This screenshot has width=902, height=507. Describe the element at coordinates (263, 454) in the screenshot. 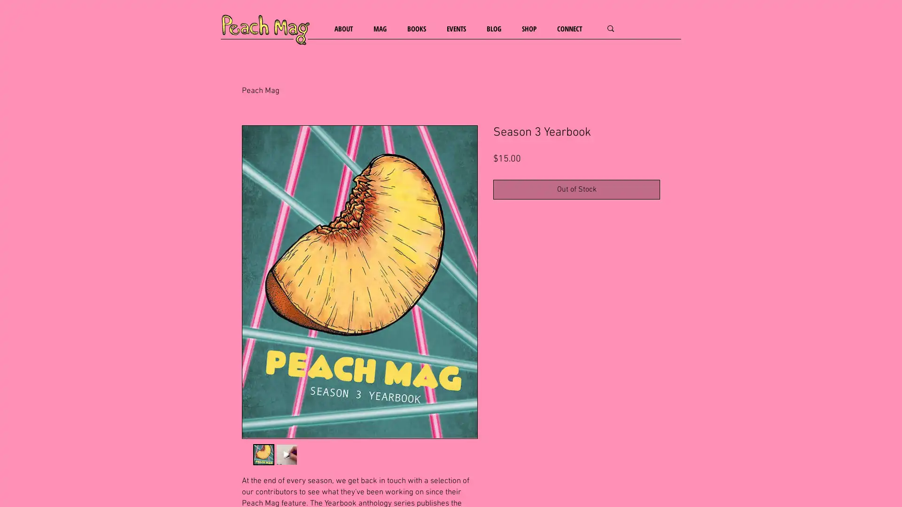

I see `Thumbnail: Season 3 Yearbook` at that location.